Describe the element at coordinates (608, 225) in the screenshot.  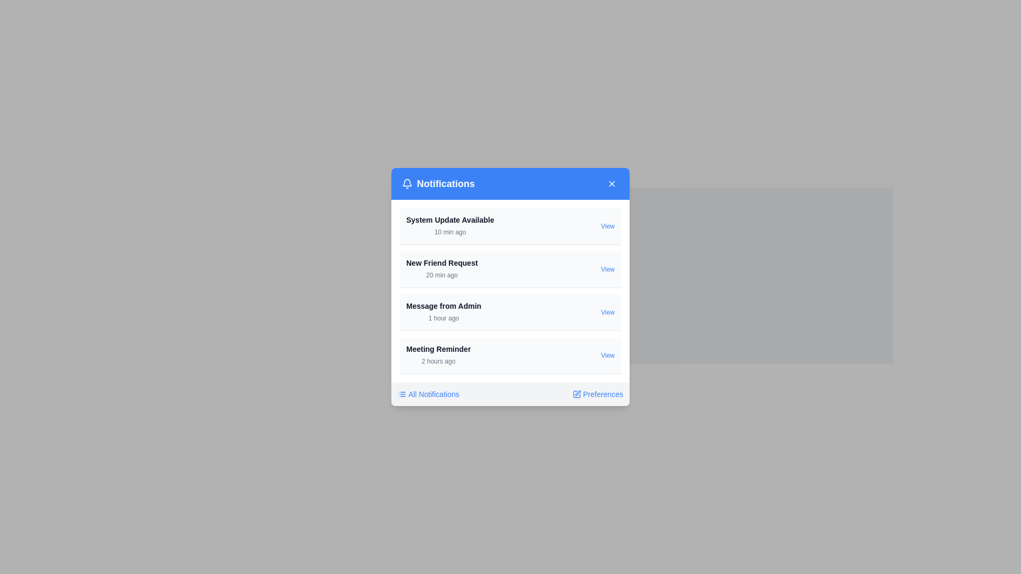
I see `the small blue text link displaying 'View' which is located to the right of the timestamp '10 min ago' in the notification list` at that location.